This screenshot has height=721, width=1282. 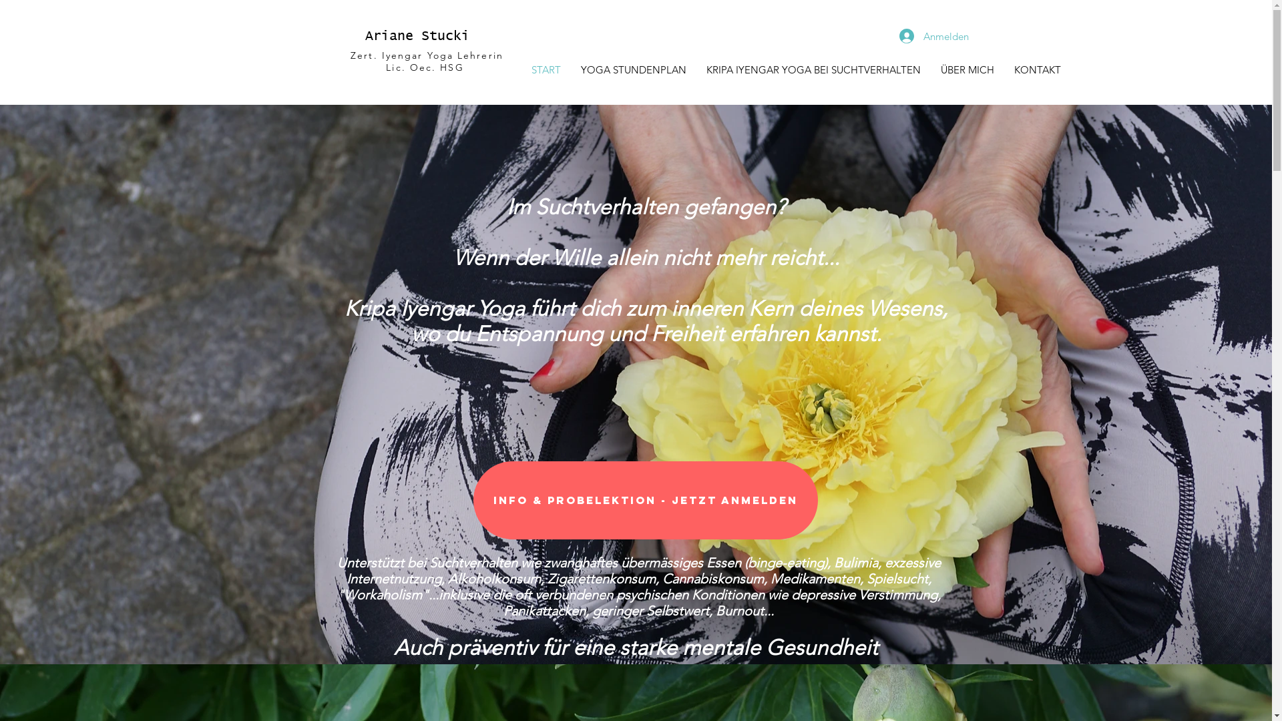 I want to click on 'Anmelden', so click(x=889, y=35).